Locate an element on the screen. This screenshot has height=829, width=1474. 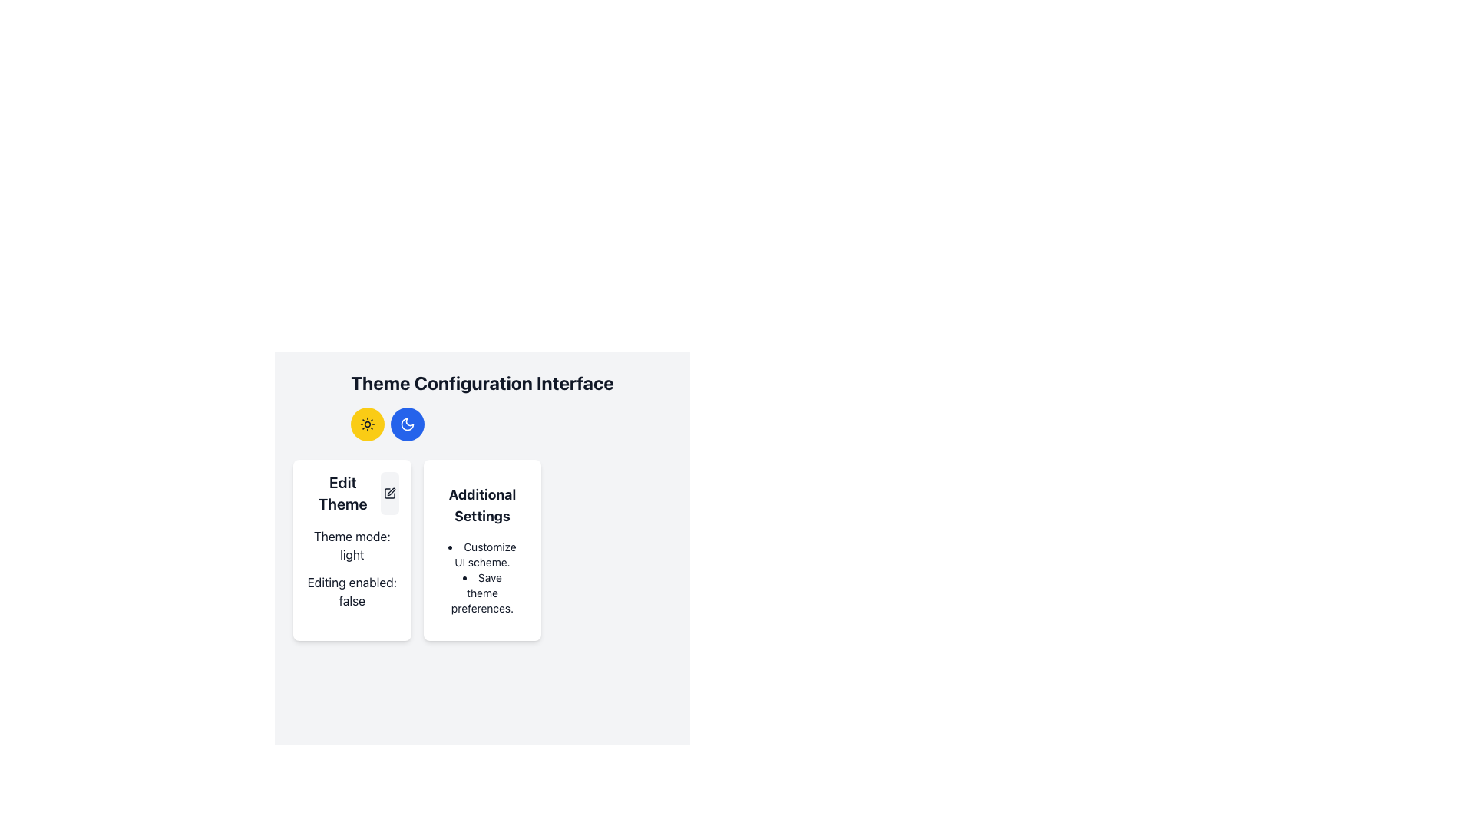
the circular button with a yellow background and sun icon for keyboard interaction, located under the 'Theme Configuration Interface' header is located at coordinates (367, 424).